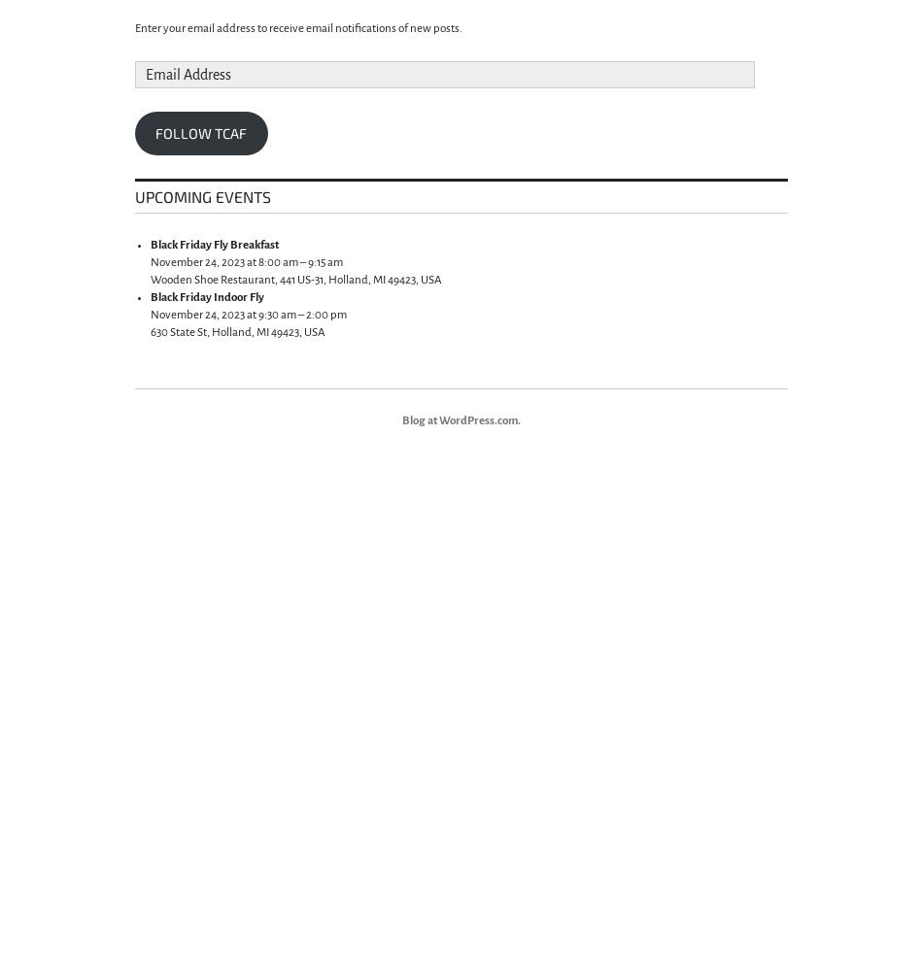  What do you see at coordinates (237, 331) in the screenshot?
I see `'630 State St, Holland, MI 49423, USA'` at bounding box center [237, 331].